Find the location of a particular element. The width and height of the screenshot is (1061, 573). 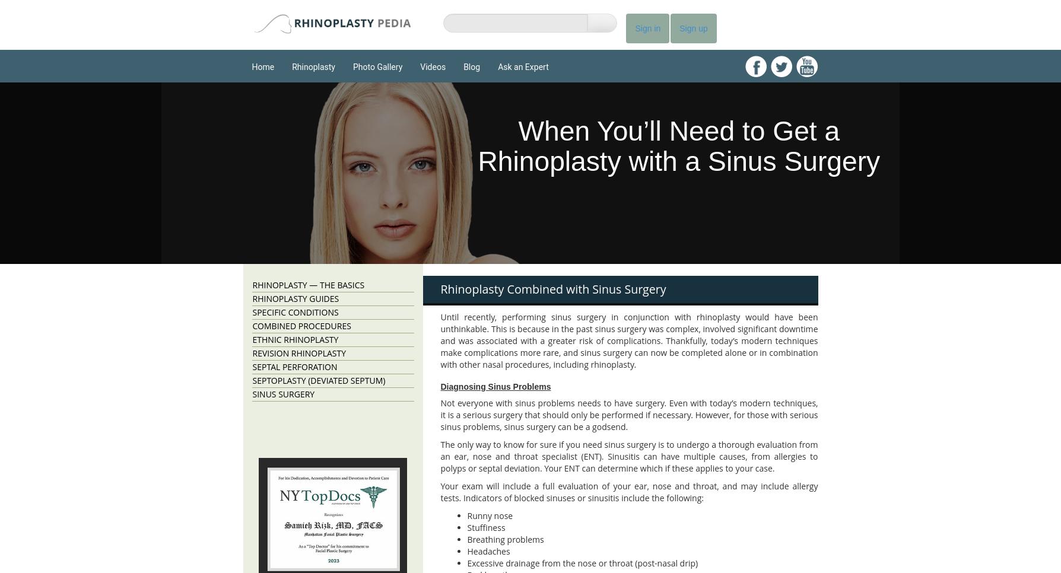

'The only way to know for sure if you need sinus surgery is to undergo a thorough evaluation from an ear, nose and throat specialist (ENT). Sinusitis can have multiple causes, from allergies to polyps or septal deviation. Your ENT can determine which if these applies to your case.' is located at coordinates (628, 456).